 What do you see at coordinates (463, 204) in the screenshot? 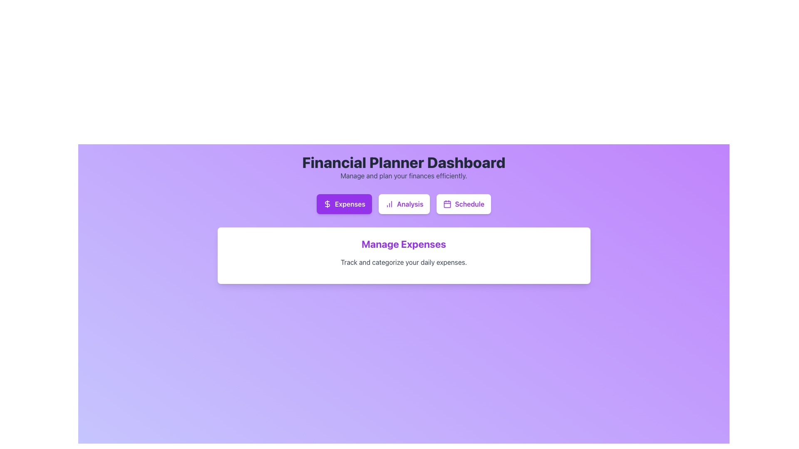
I see `the rounded rectangular button labeled 'Schedule' with a white background and purple text, located in the rightmost position under 'Financial Planner Dashboard.'` at bounding box center [463, 204].